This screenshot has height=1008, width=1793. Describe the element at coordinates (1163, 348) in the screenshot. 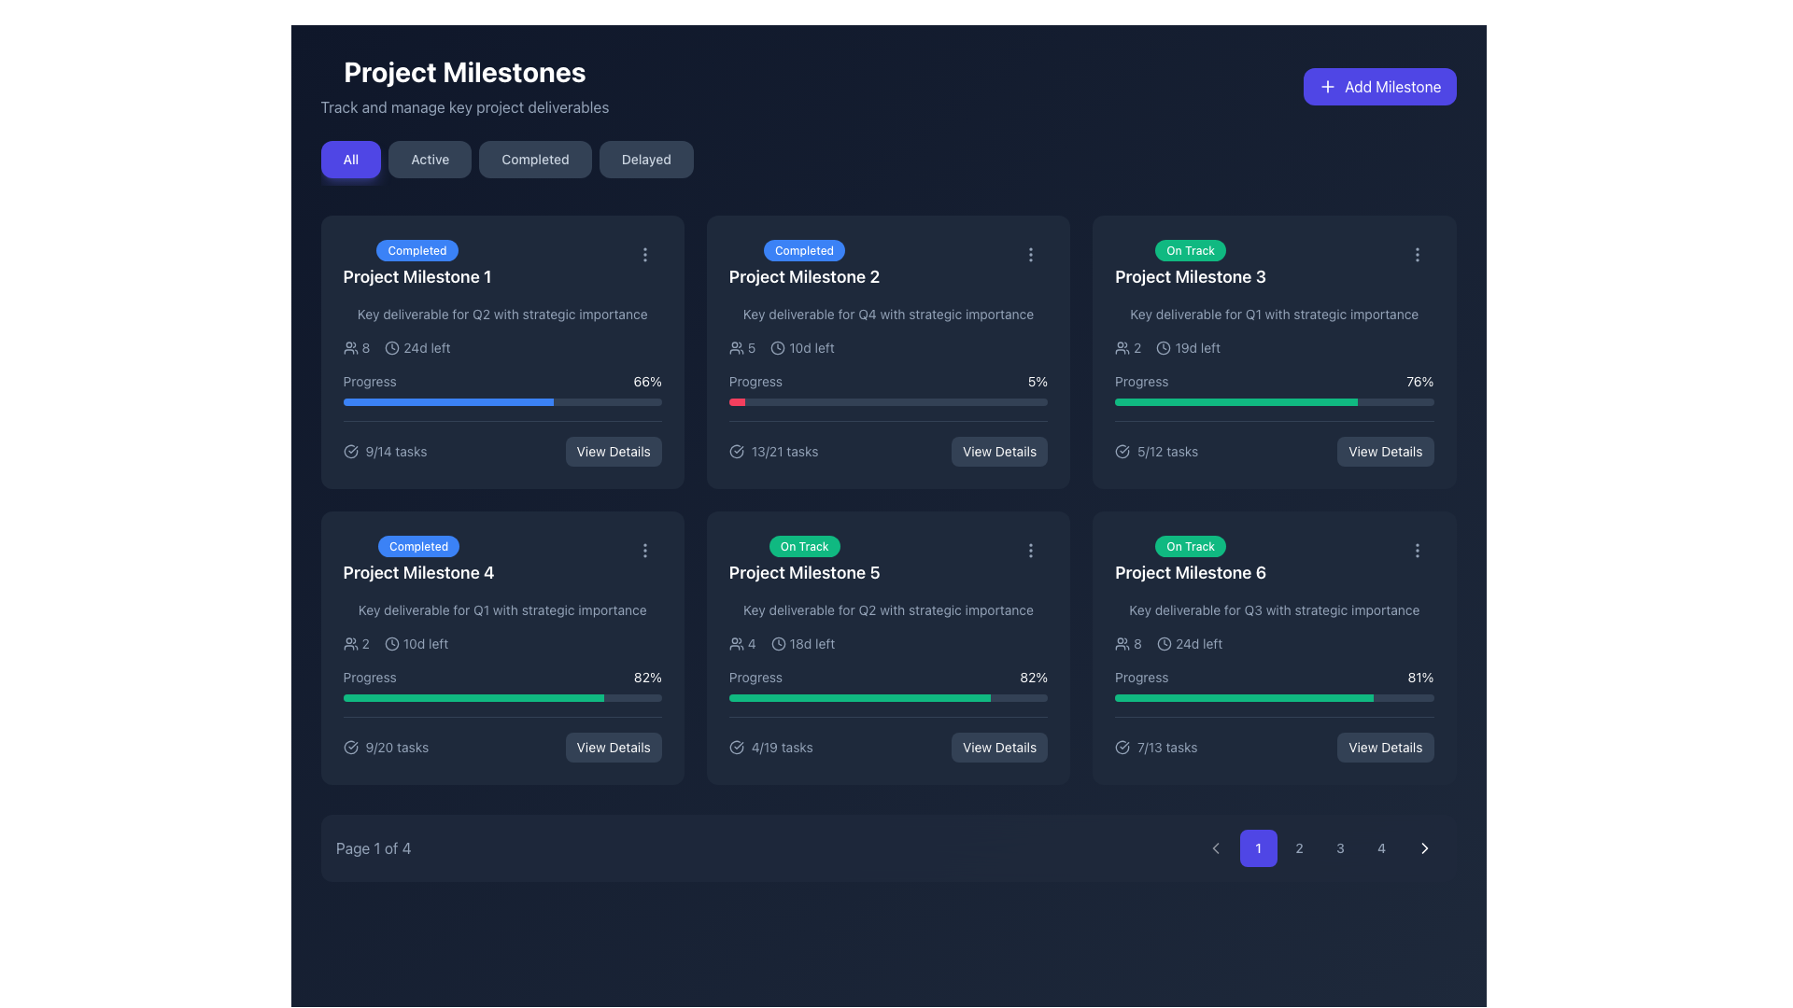

I see `the clock icon with a circular outline and clock hands, located in the top-right corner of the 'Project Milestone 3' card, next to the text '19d left'` at that location.